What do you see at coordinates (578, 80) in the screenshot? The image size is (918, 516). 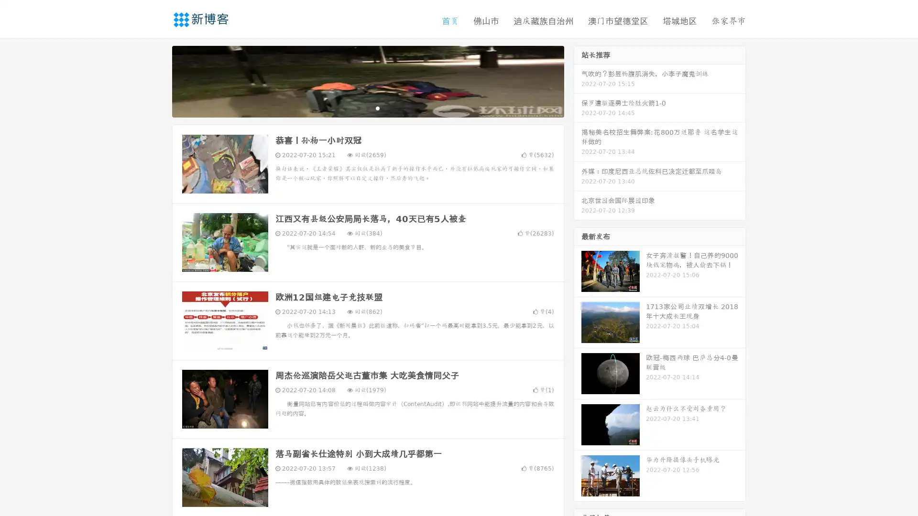 I see `Next slide` at bounding box center [578, 80].